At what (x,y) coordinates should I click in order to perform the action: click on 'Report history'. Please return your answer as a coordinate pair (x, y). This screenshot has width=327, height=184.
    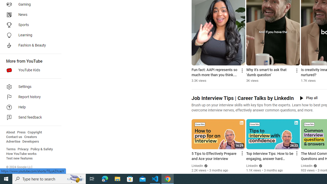
    Looking at the image, I should click on (29, 97).